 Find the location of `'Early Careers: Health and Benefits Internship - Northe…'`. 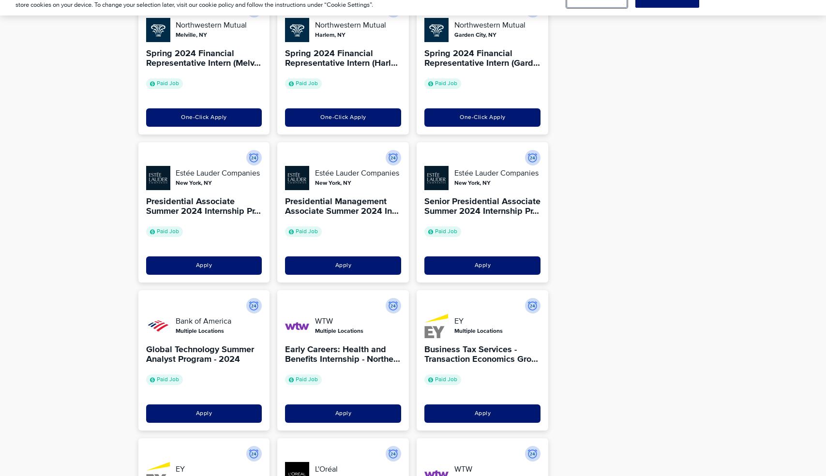

'Early Careers: Health and Benefits Internship - Northe…' is located at coordinates (343, 354).